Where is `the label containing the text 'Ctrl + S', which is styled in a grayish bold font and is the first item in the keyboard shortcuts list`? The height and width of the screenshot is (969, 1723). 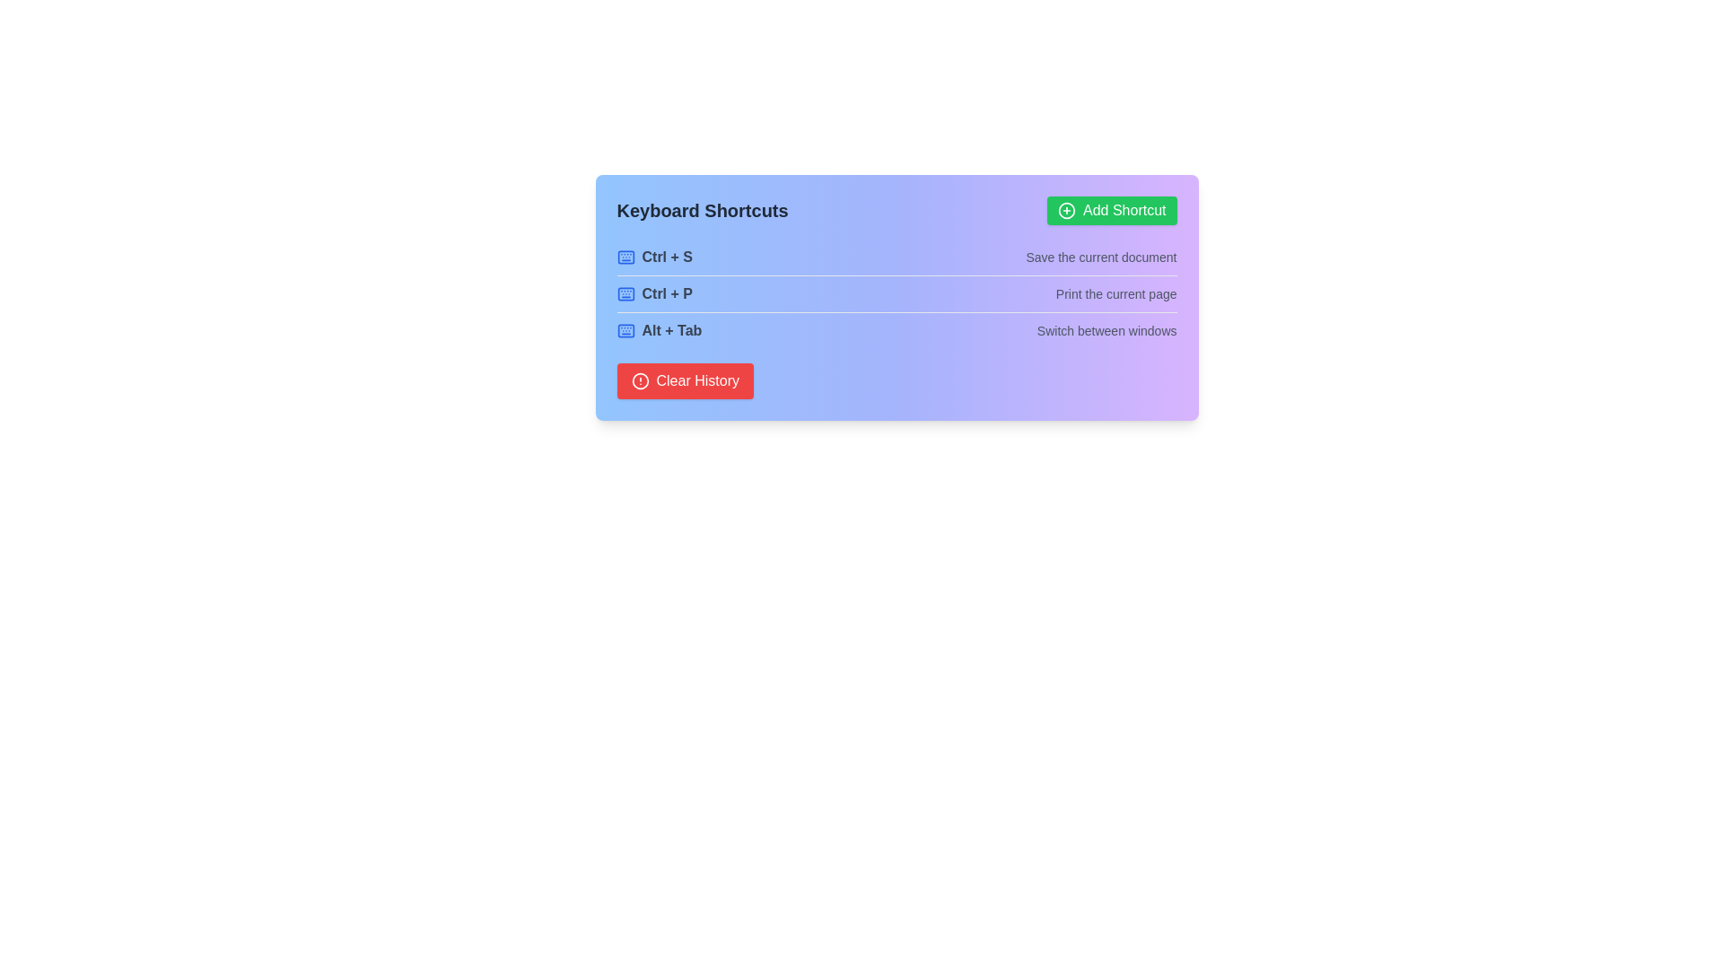 the label containing the text 'Ctrl + S', which is styled in a grayish bold font and is the first item in the keyboard shortcuts list is located at coordinates (666, 257).